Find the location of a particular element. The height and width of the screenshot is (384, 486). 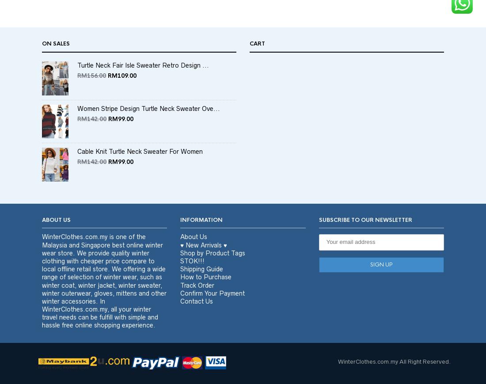

'109.00' is located at coordinates (126, 92).